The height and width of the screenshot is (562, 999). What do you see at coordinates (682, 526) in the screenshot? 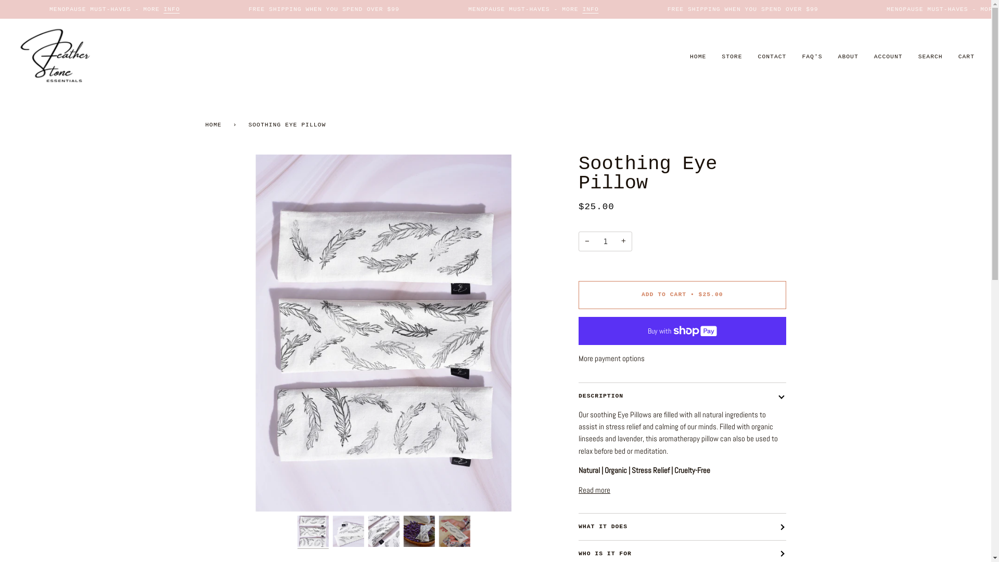
I see `'WHAT IT DOES'` at bounding box center [682, 526].